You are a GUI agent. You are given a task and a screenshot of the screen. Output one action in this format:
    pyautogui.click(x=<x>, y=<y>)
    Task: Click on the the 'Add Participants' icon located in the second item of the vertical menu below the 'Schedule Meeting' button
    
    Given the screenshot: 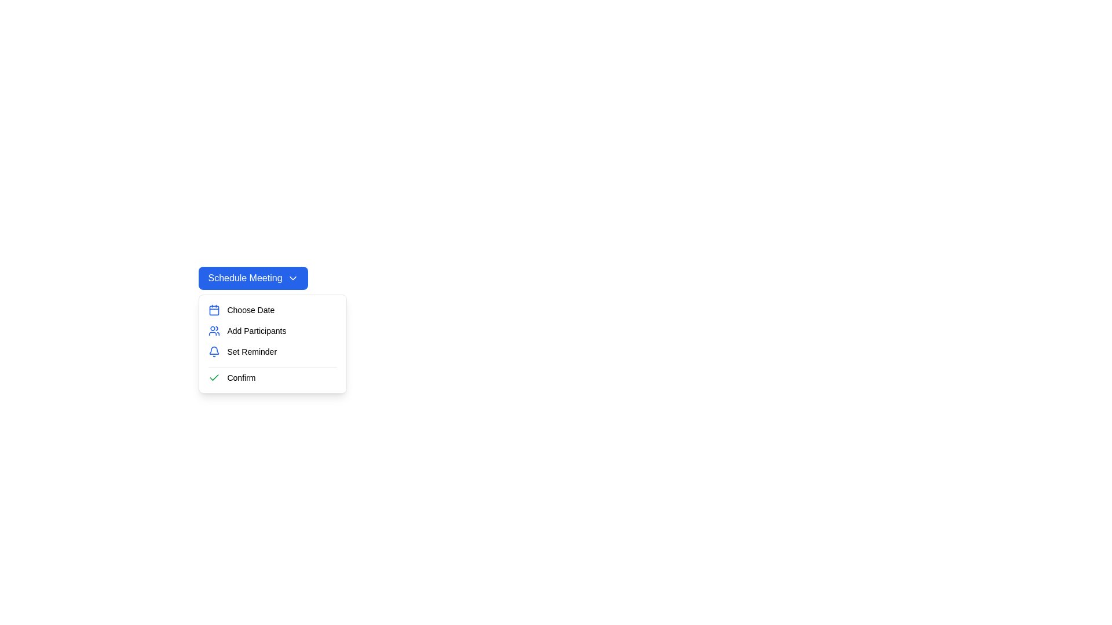 What is the action you would take?
    pyautogui.click(x=214, y=330)
    